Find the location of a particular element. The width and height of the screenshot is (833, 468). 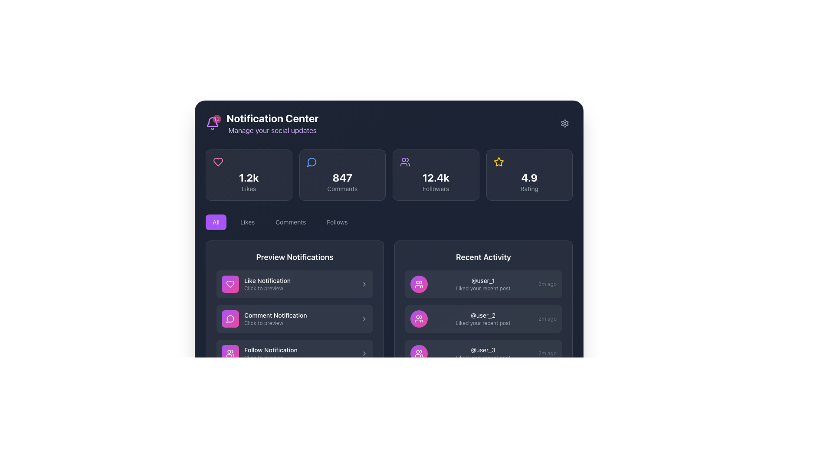

the 'Follow Notification' button with a dark background, which features a gradient icon and white text is located at coordinates (295, 354).